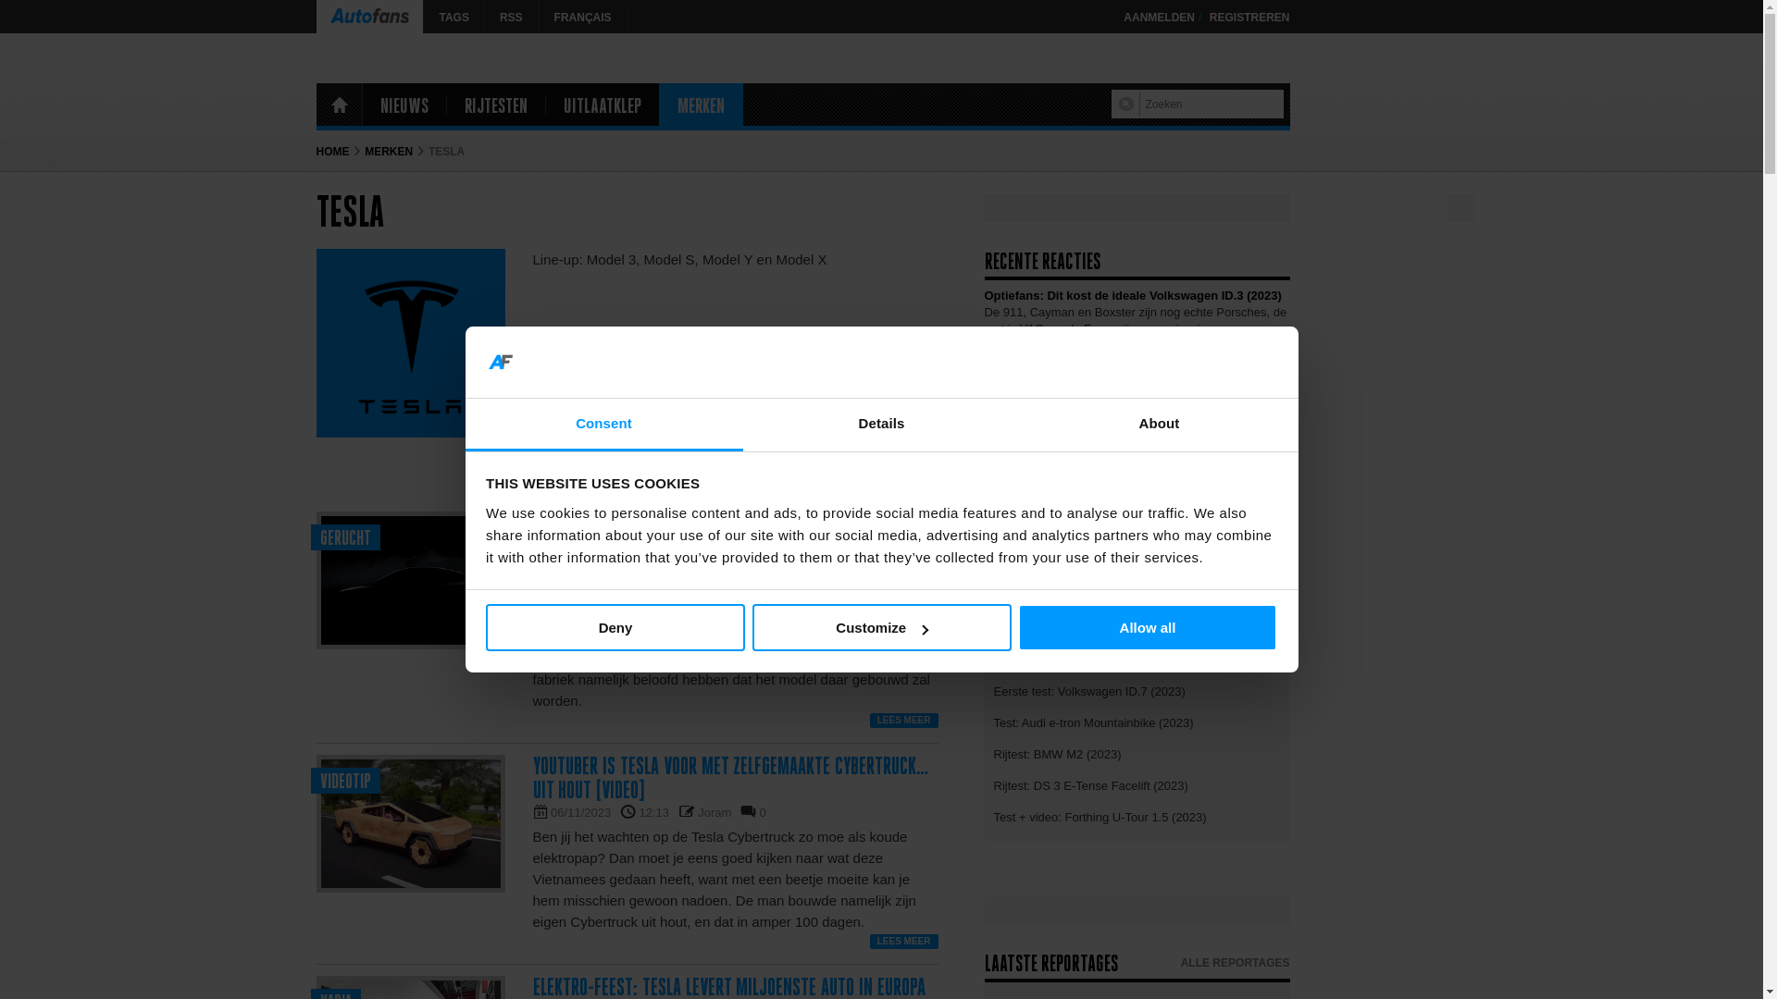 The height and width of the screenshot is (999, 1777). Describe the element at coordinates (751, 626) in the screenshot. I see `'Customize'` at that location.